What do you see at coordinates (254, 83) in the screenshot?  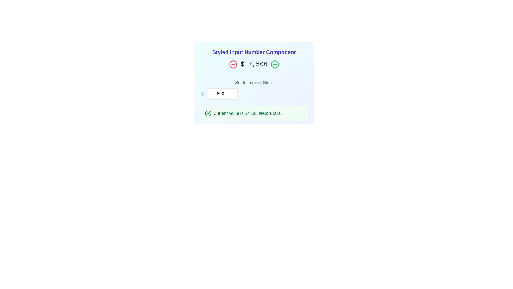 I see `the label displaying 'Set Increment Step:' which is styled with a slight gray tone and positioned above the numeric input field` at bounding box center [254, 83].